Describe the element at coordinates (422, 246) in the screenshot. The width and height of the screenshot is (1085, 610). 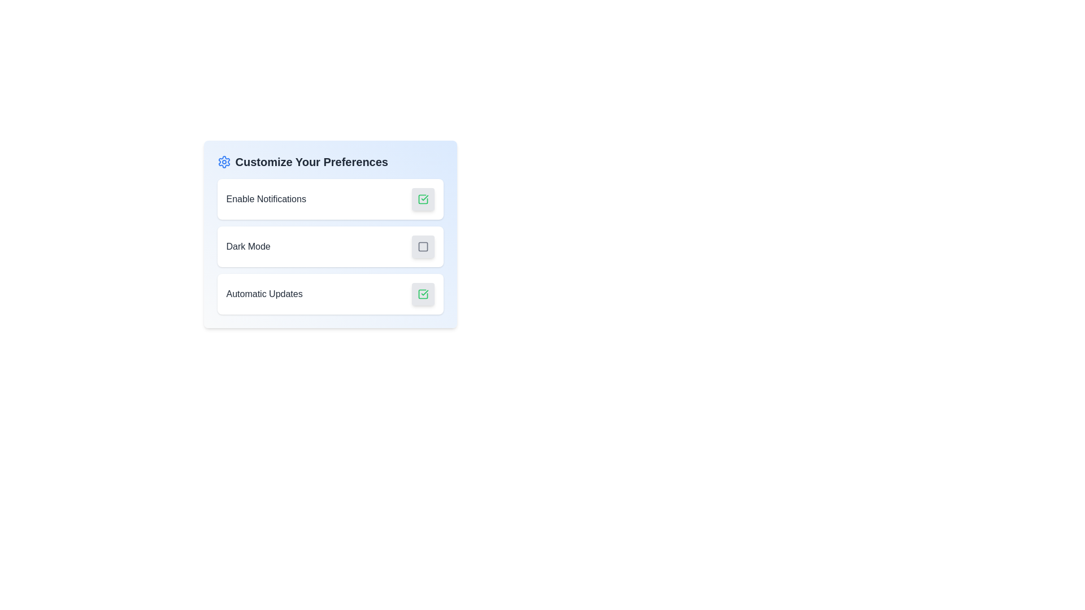
I see `the checkbox toggle control that is styled in a minimalistic gray color, located next to the 'Dark Mode' option in the second row of preference options` at that location.